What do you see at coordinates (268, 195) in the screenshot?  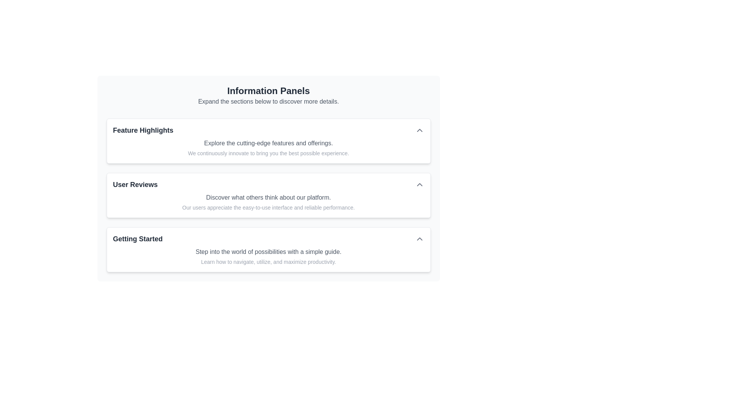 I see `the 'User Reviews' Information panel, which features a bold heading and is positioned between 'Feature Highlights' and 'Getting Started' sections, by clicking on it to access related elements such as the toggle or linked items` at bounding box center [268, 195].